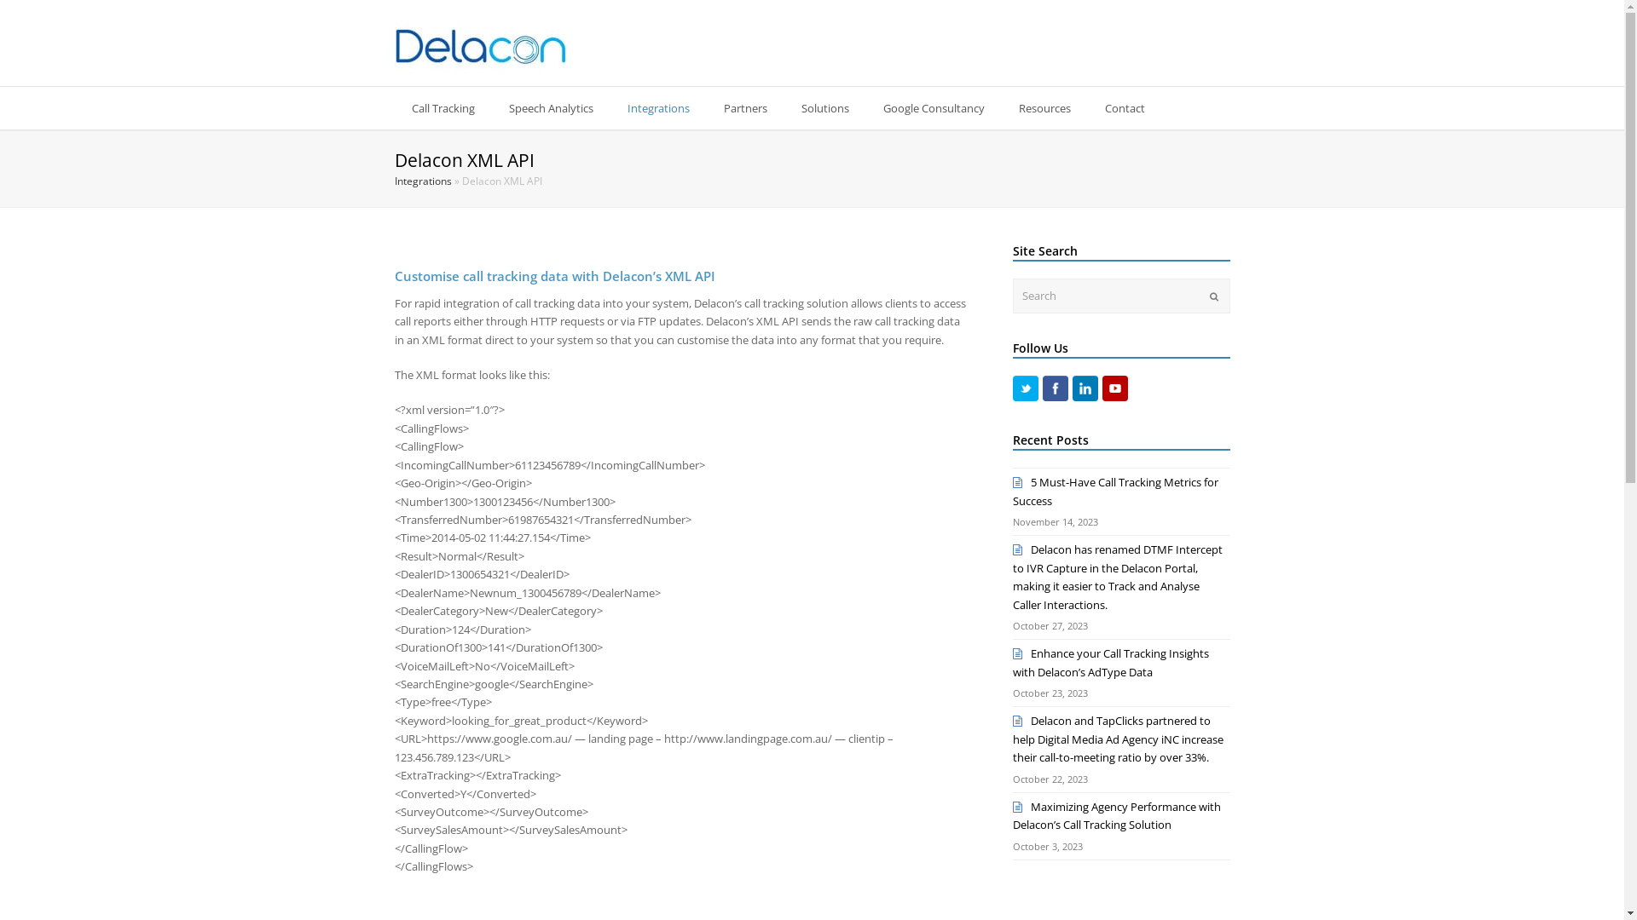 The height and width of the screenshot is (920, 1637). Describe the element at coordinates (1025, 388) in the screenshot. I see `'Twitter'` at that location.